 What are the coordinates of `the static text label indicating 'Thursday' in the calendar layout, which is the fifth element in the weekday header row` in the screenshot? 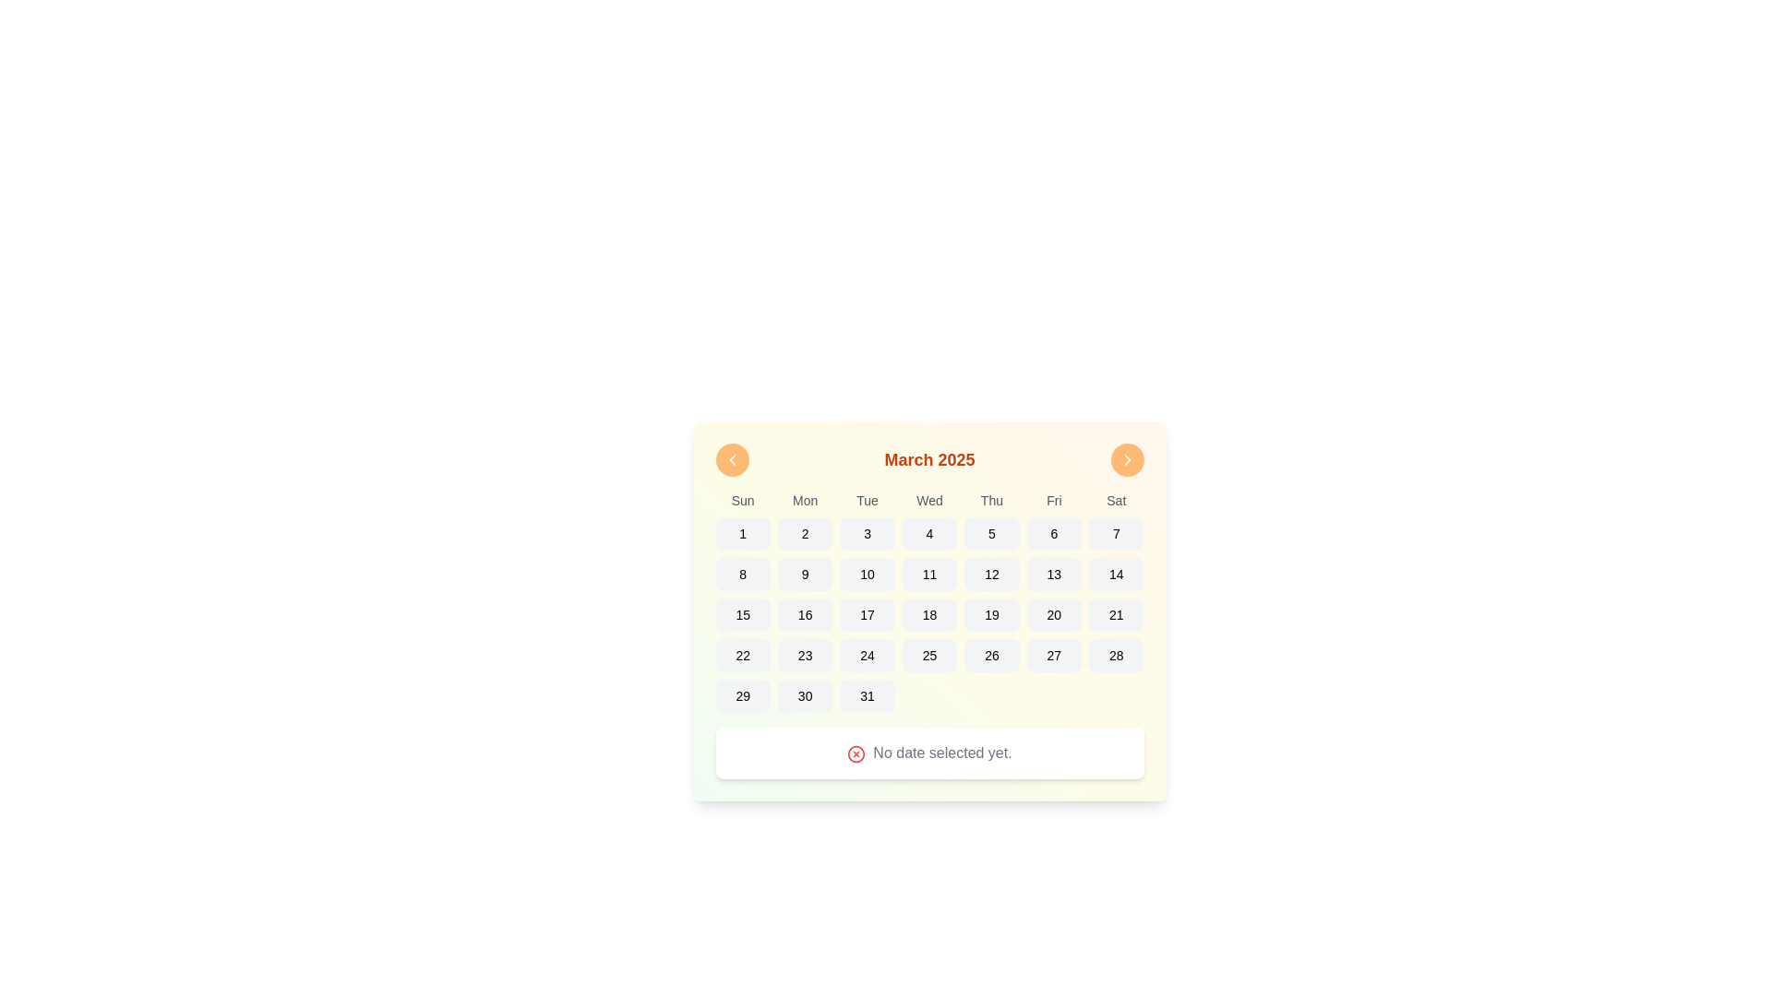 It's located at (991, 501).